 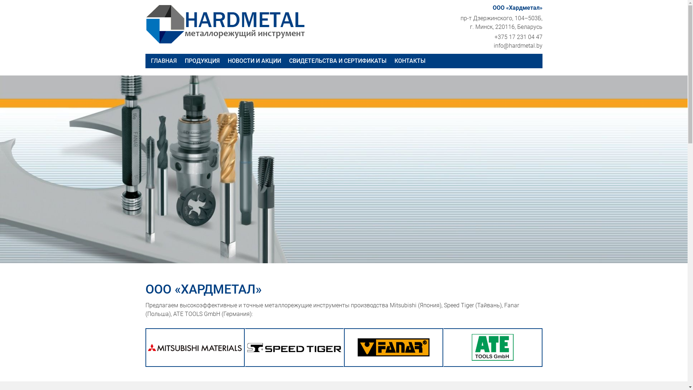 I want to click on '34747', so click(x=247, y=347).